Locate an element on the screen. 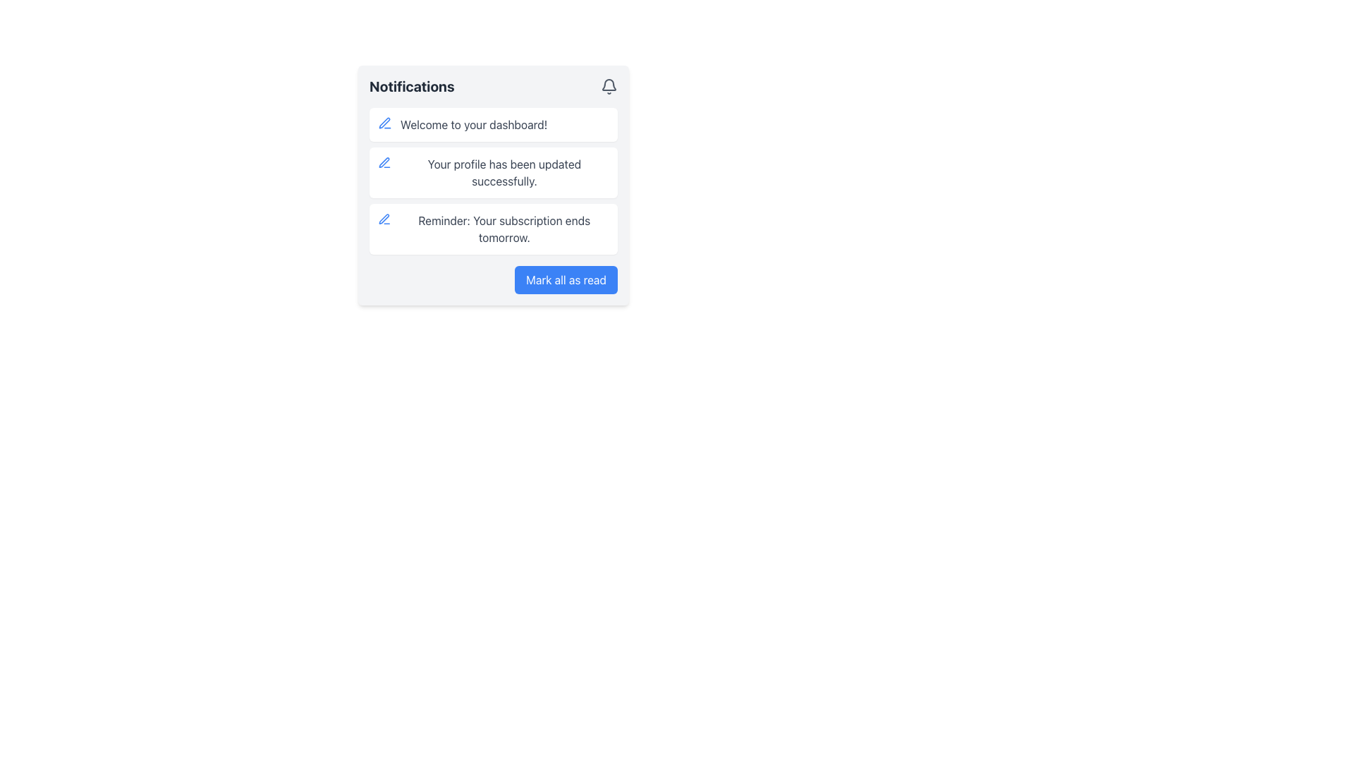 This screenshot has height=762, width=1354. the static text label displaying the message 'Reminder: Your subscription ends tomorrow.' located inside the white notification card at the bottom of the notifications section is located at coordinates (504, 228).